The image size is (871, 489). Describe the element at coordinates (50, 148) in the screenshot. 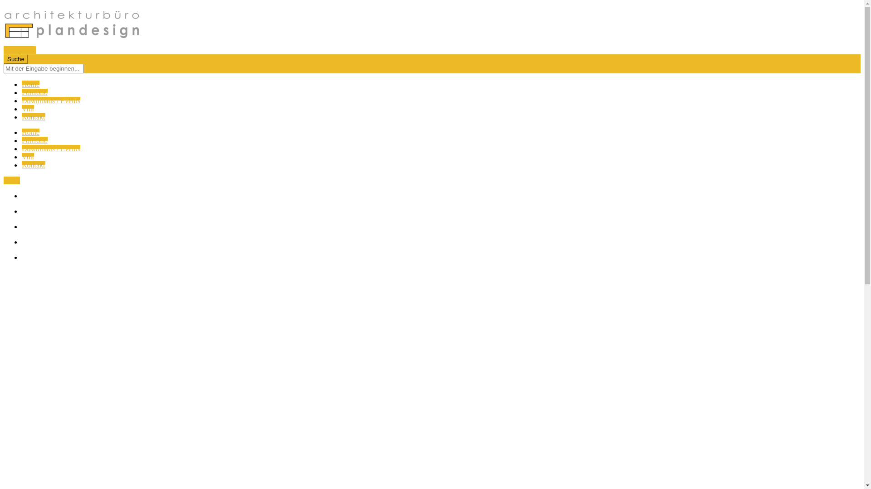

I see `'Downloads / Events'` at that location.